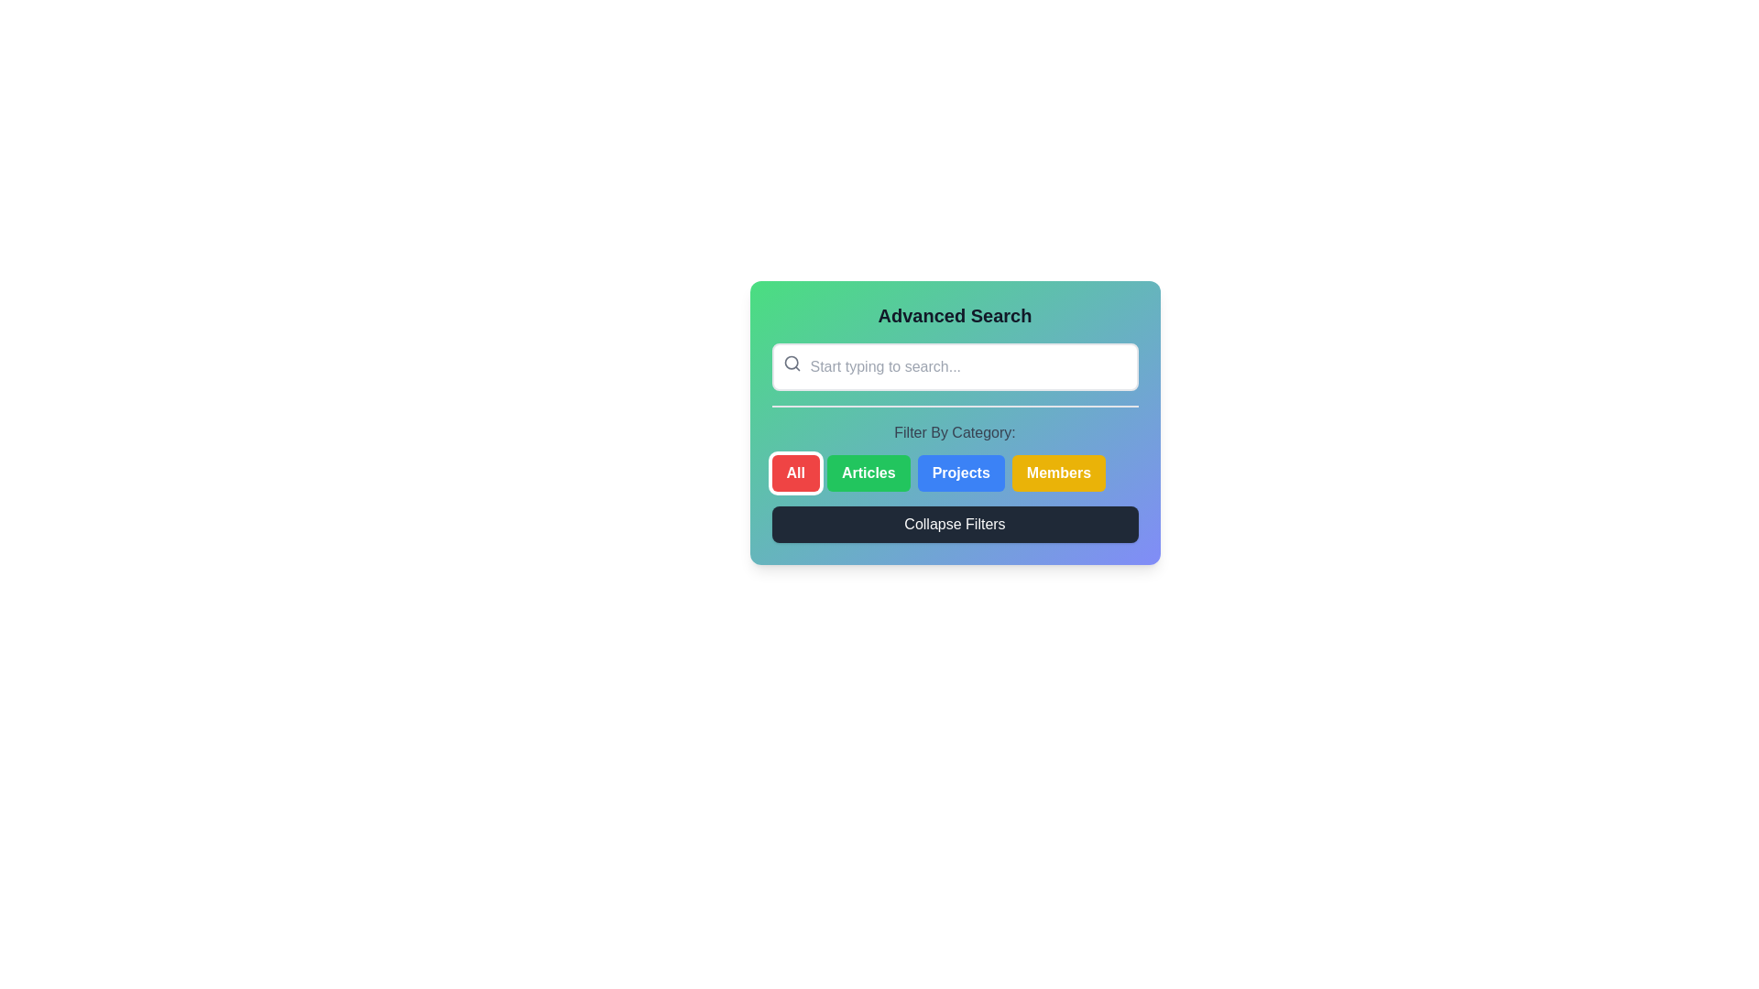 The image size is (1759, 989). I want to click on the 'Projects' button, which is a rectangular button with a blue background and white text, located, so click(954, 472).